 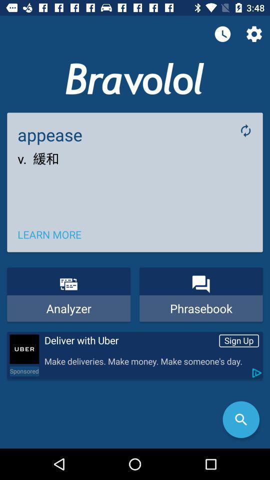 What do you see at coordinates (150, 361) in the screenshot?
I see `make deliveries make` at bounding box center [150, 361].